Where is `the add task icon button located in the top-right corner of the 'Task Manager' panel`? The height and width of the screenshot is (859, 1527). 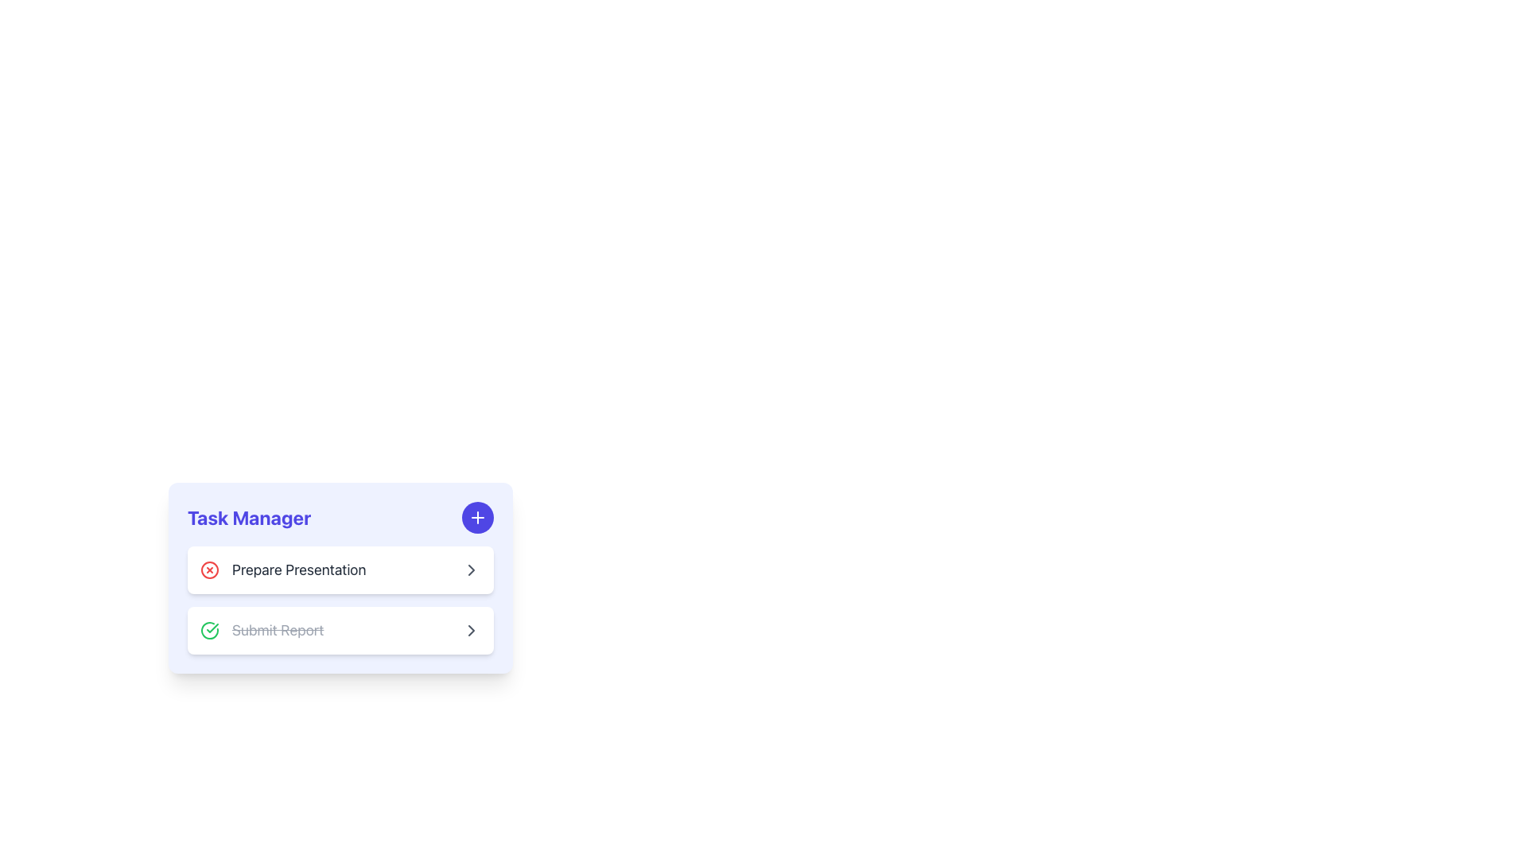 the add task icon button located in the top-right corner of the 'Task Manager' panel is located at coordinates (476, 518).